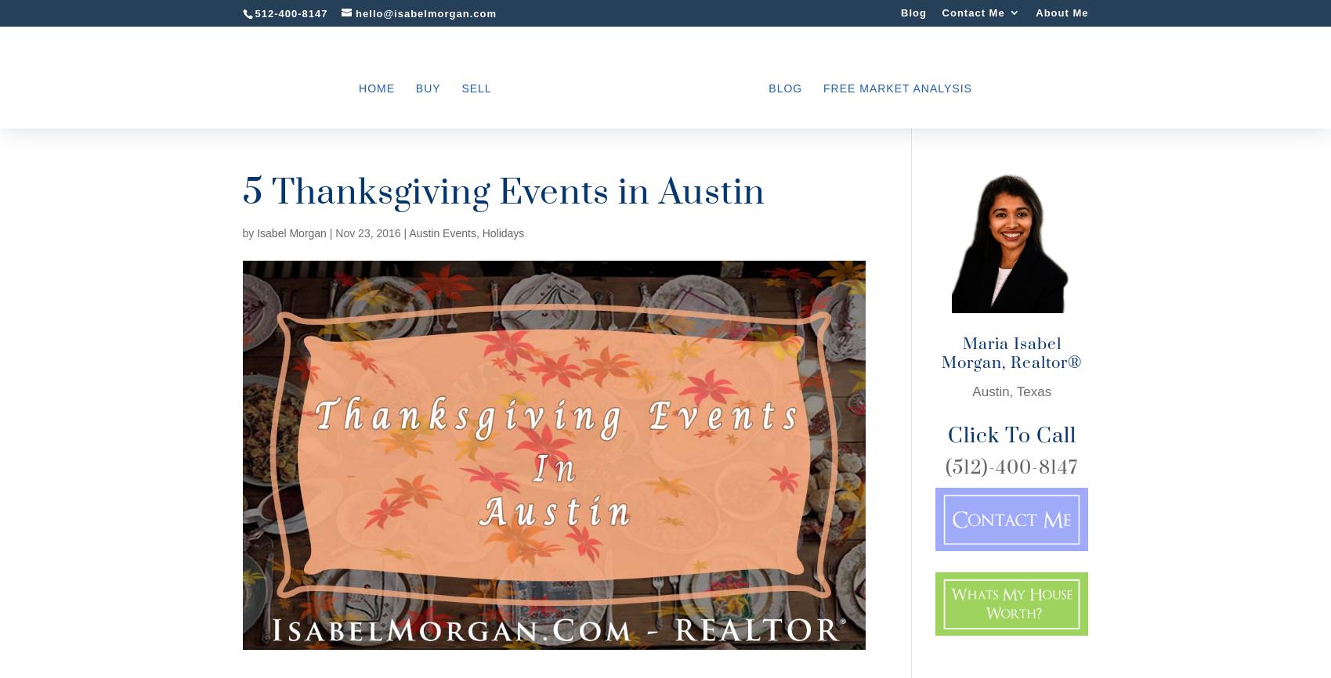 The image size is (1331, 678). What do you see at coordinates (971, 12) in the screenshot?
I see `'Contact Me'` at bounding box center [971, 12].